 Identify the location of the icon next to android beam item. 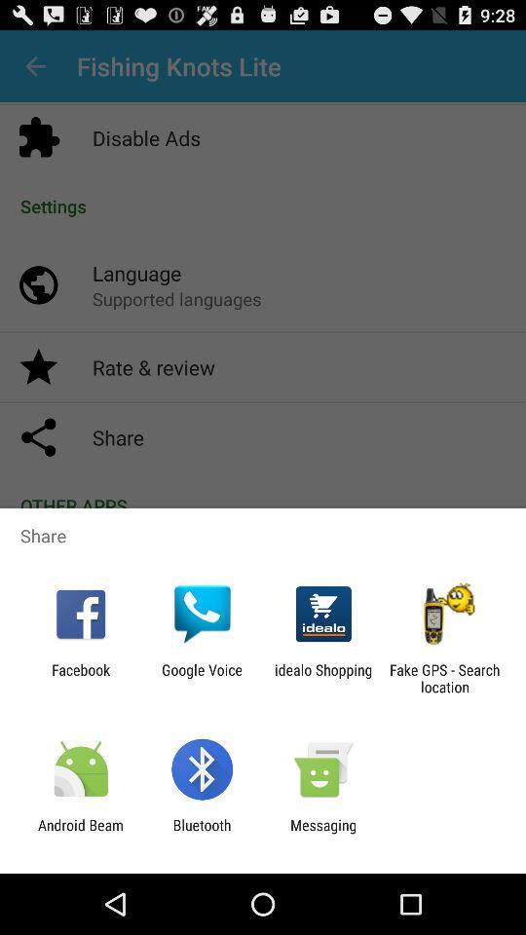
(201, 833).